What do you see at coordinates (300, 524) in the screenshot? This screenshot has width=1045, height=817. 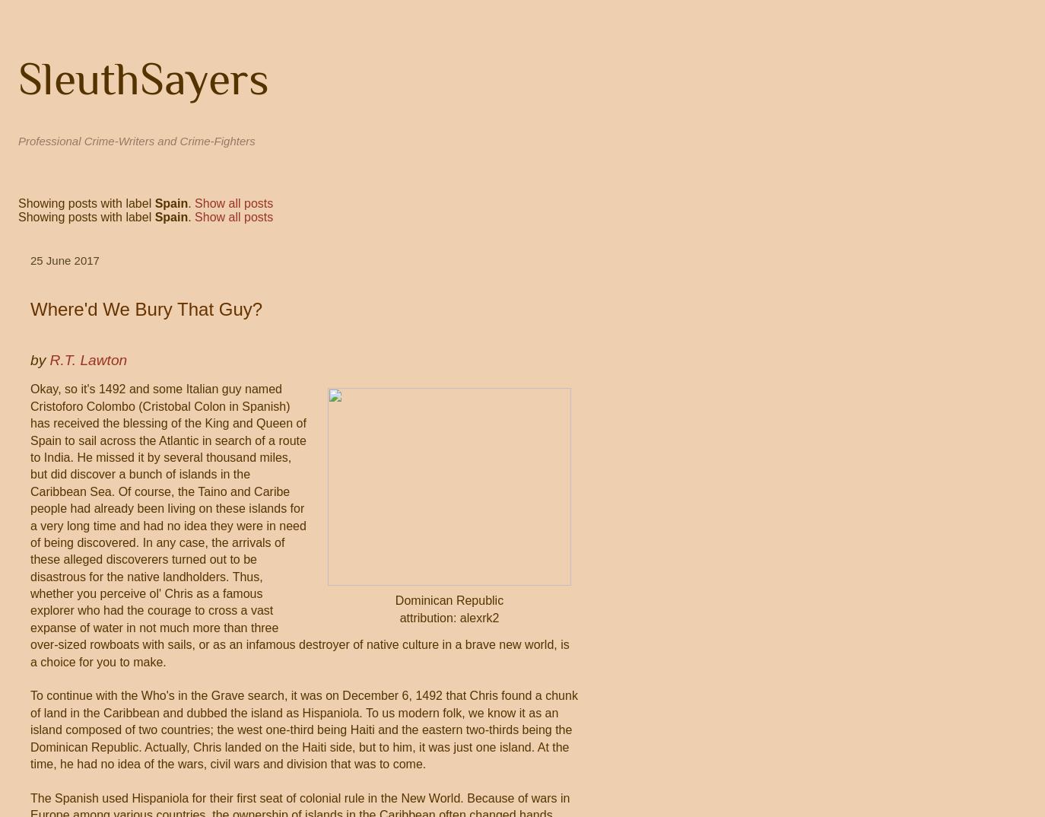 I see `'Okay, so it's 1492 and some Italian guy named Cristoforo Colombo (Cristobal Colon in Spanish) has received the blessing of the King and Queen of Spain to sail across the Atlantic in search of a route to India. He missed it by several thousand miles, but did discover a bunch of islands in the Caribbean Sea. Of course, the Taino and Caribe people had already been living on these islands for a very long time and had no idea they were in need of being discovered. In any case, the arrivals of these alleged discoverers turned out to be disastrous for the native landholders. Thus, whether you perceive ol' Chris as a famous explorer who had the courage to cross a vast expanse of water in not much more than three over-sized rowboats with sails, or as an infamous destroyer of native culture in a brave new world, is a choice for you to make.'` at bounding box center [300, 524].